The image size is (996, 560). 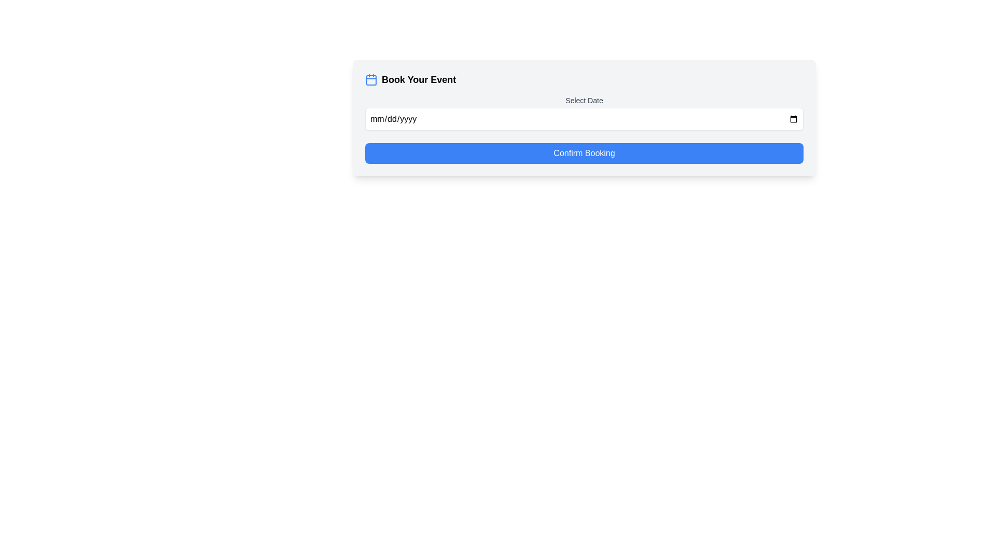 I want to click on the text label that indicates the purpose of the adjacent date input field in the 'Book Your Event' section, so click(x=584, y=100).